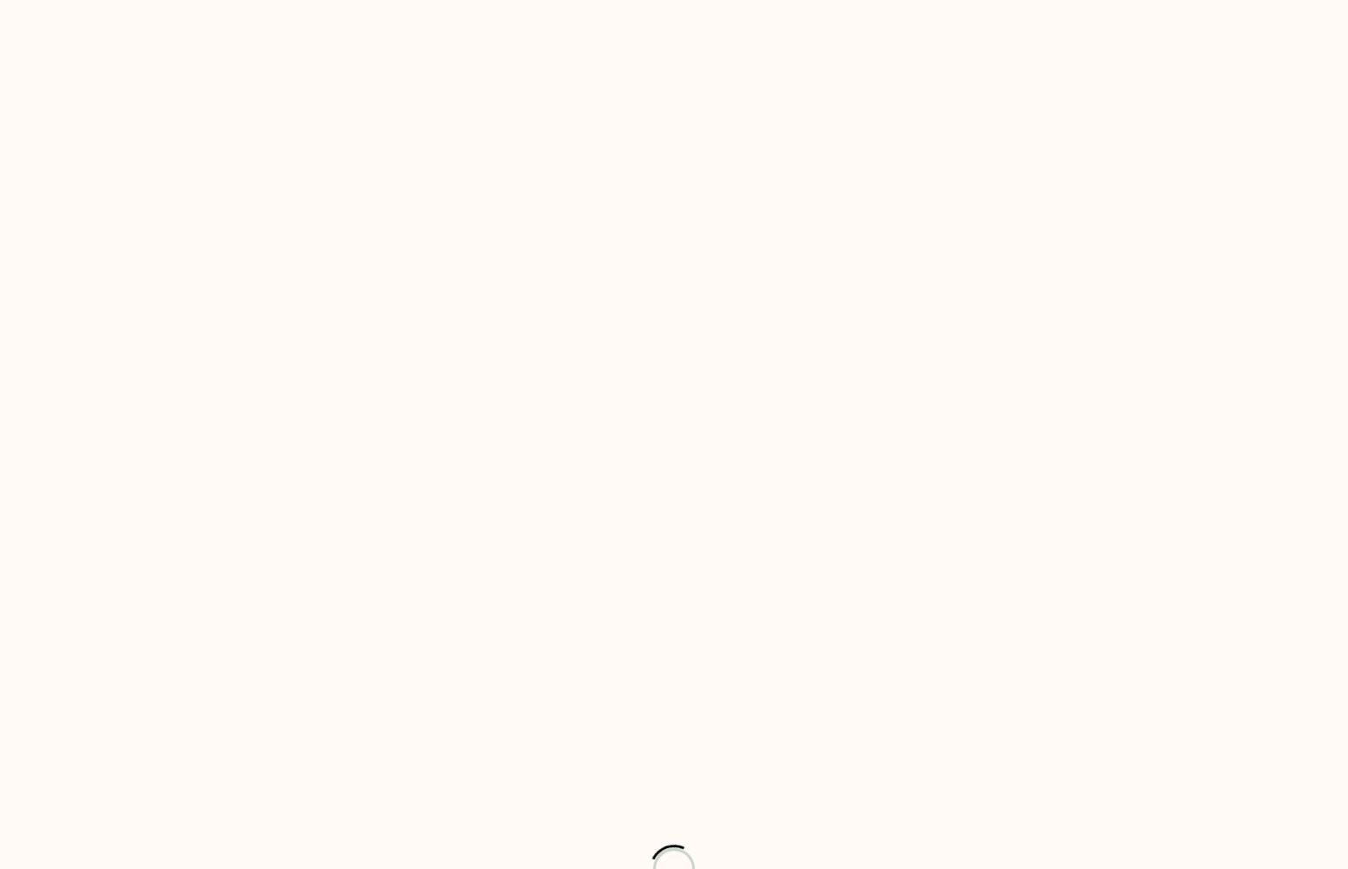 This screenshot has height=869, width=1348. I want to click on 'Ellie’s Hats – Our February Community Outreach Partner', so click(542, 282).